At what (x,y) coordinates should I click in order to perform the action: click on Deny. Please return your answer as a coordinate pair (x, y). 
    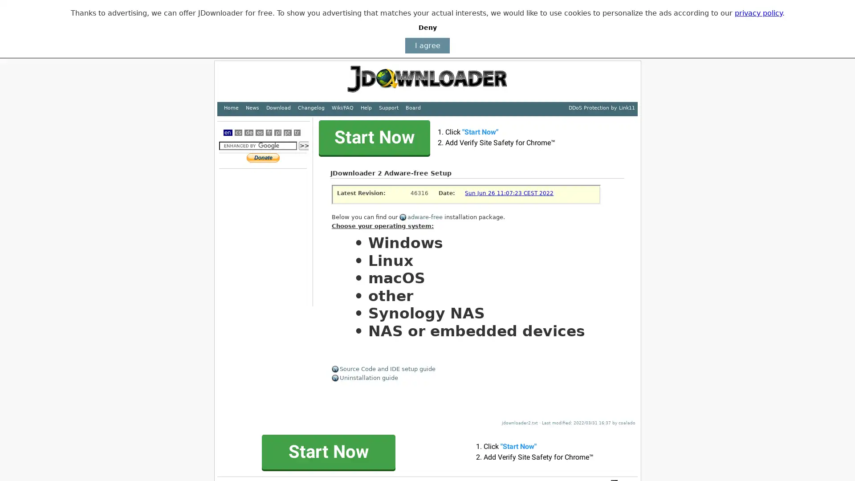
    Looking at the image, I should click on (427, 27).